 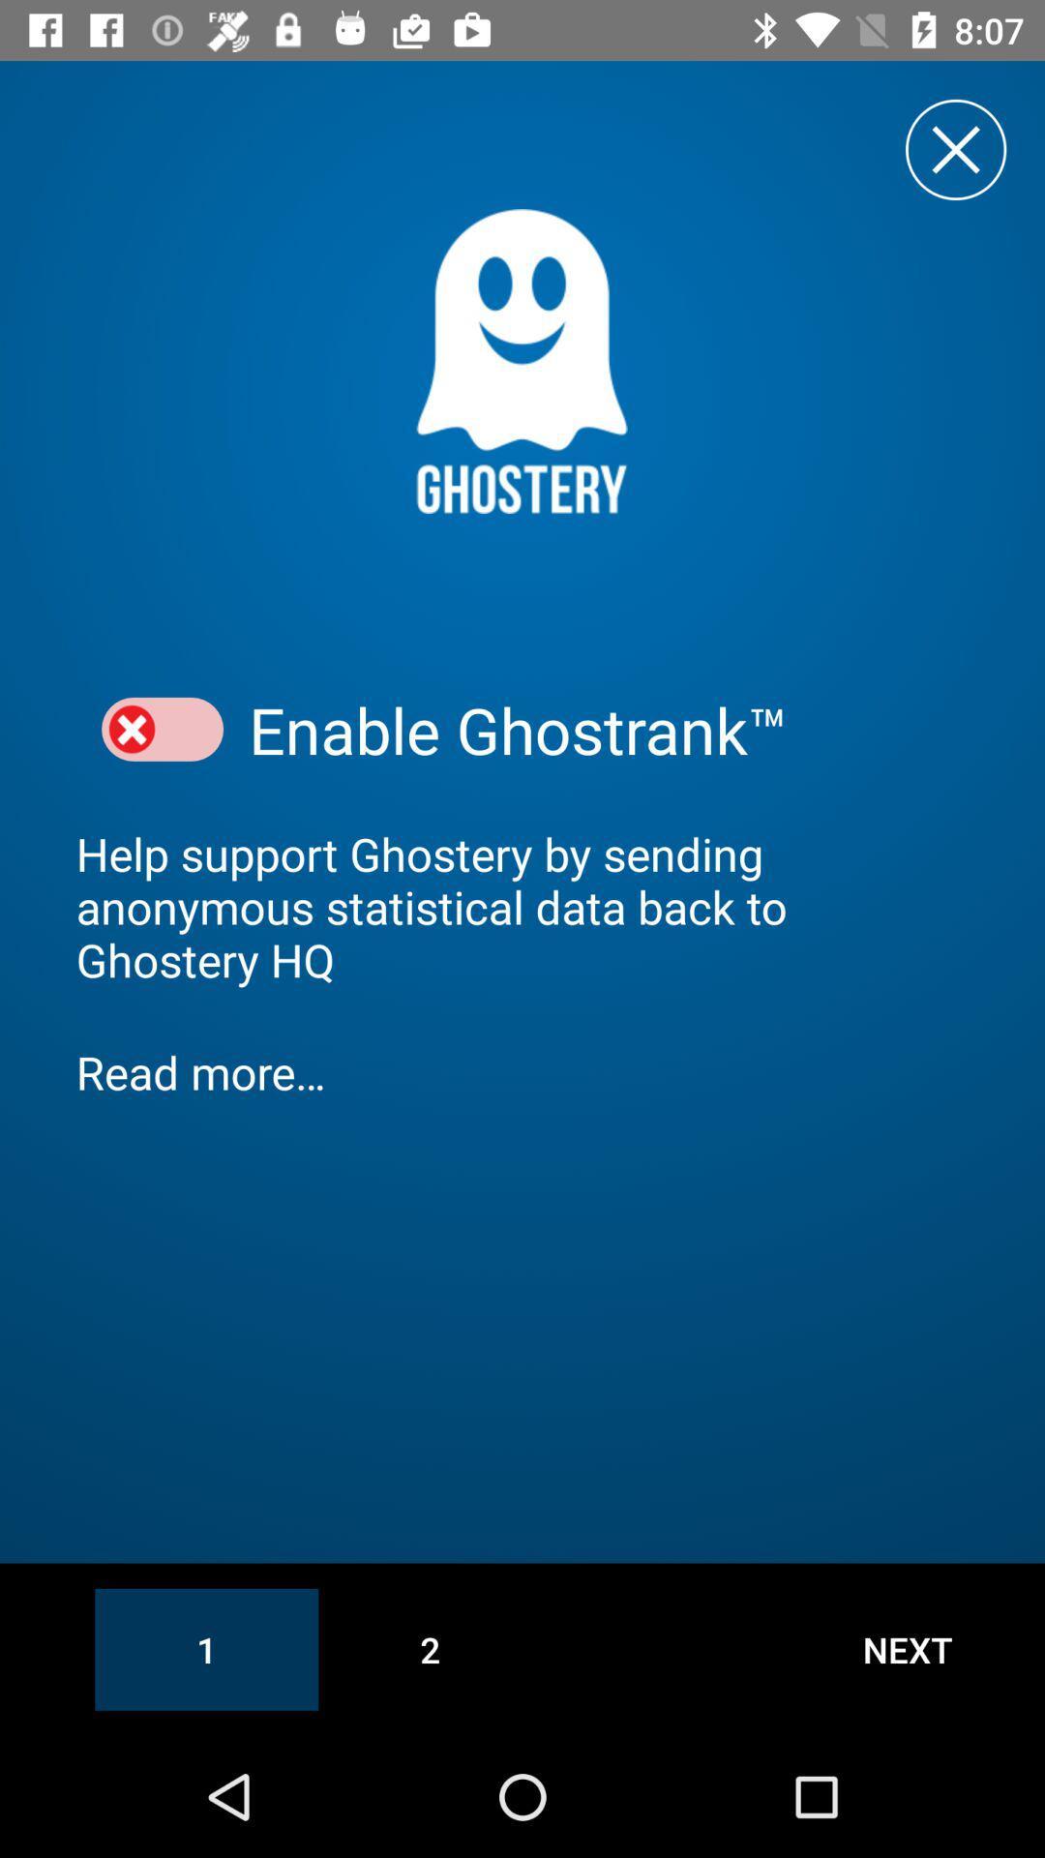 I want to click on the item above 1, so click(x=522, y=1071).